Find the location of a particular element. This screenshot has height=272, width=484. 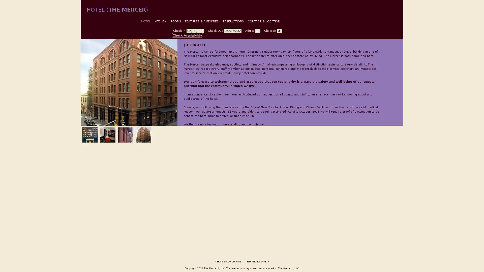

Check Availability is located at coordinates (187, 35).